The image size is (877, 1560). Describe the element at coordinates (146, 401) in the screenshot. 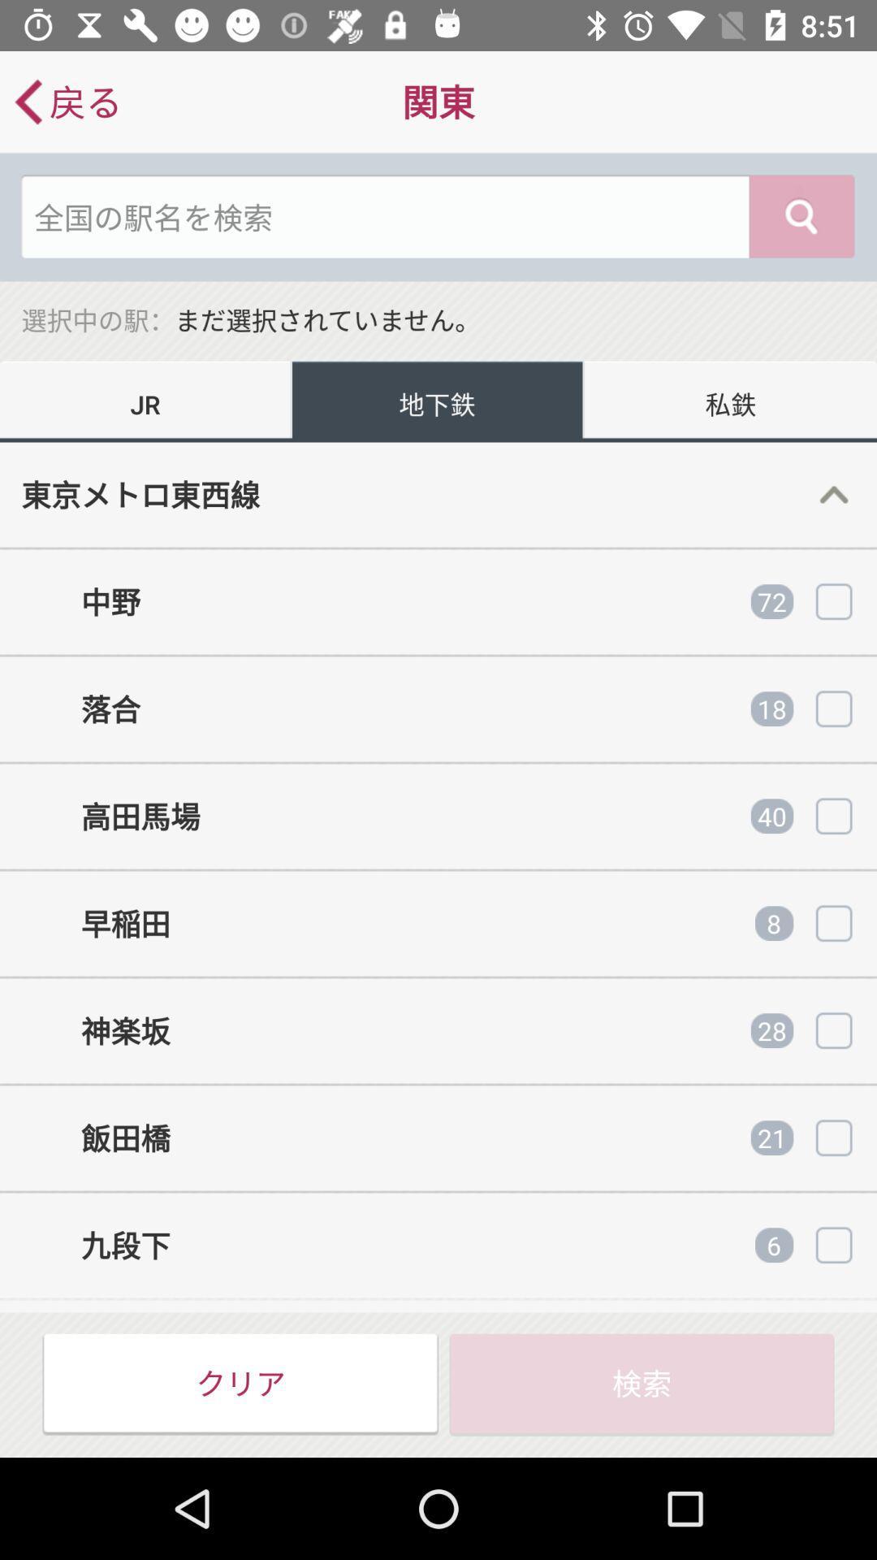

I see `jr icon` at that location.